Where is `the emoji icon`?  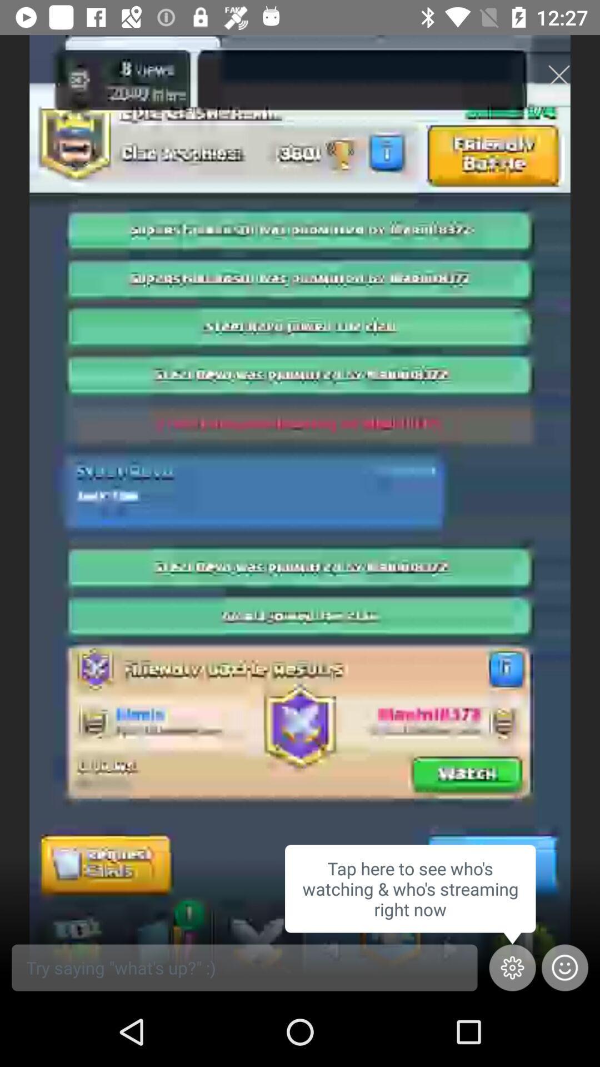 the emoji icon is located at coordinates (565, 967).